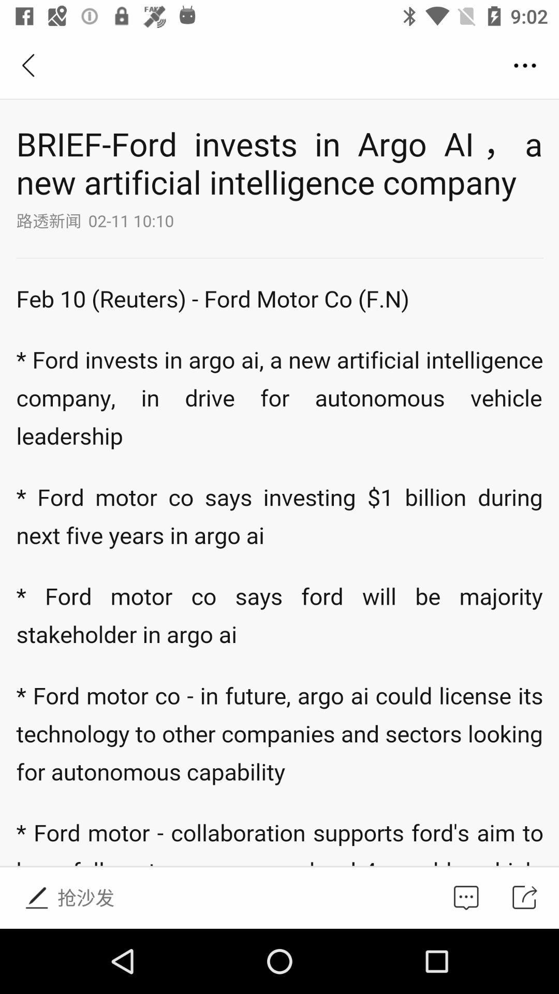  I want to click on the chat icon, so click(466, 897).